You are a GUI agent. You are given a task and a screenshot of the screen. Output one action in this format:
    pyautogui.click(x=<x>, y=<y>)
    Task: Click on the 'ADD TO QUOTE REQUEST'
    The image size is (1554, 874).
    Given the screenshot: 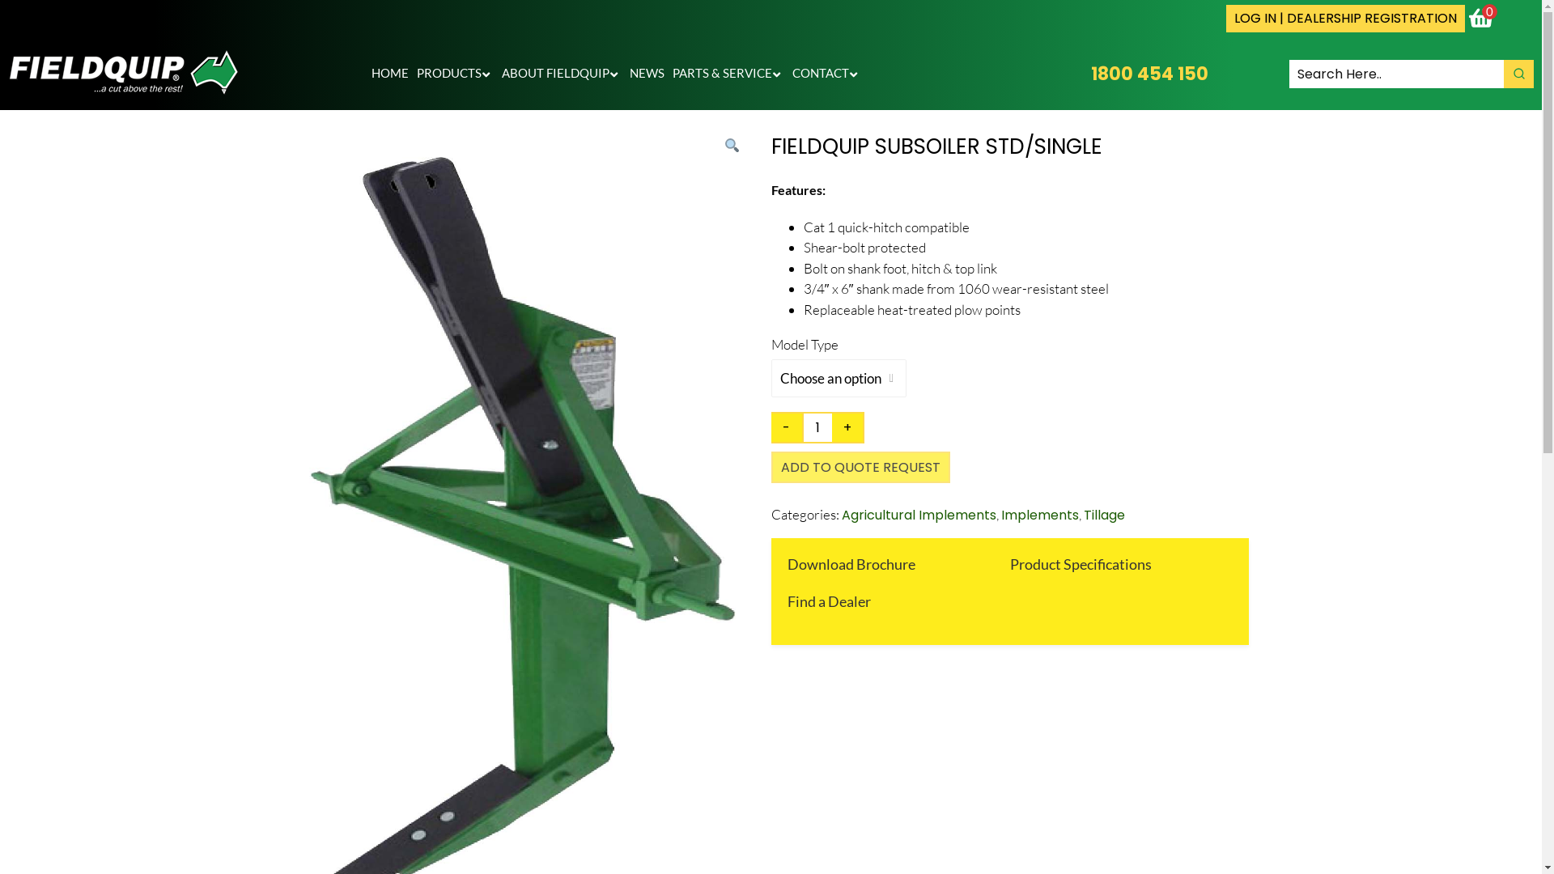 What is the action you would take?
    pyautogui.click(x=859, y=467)
    